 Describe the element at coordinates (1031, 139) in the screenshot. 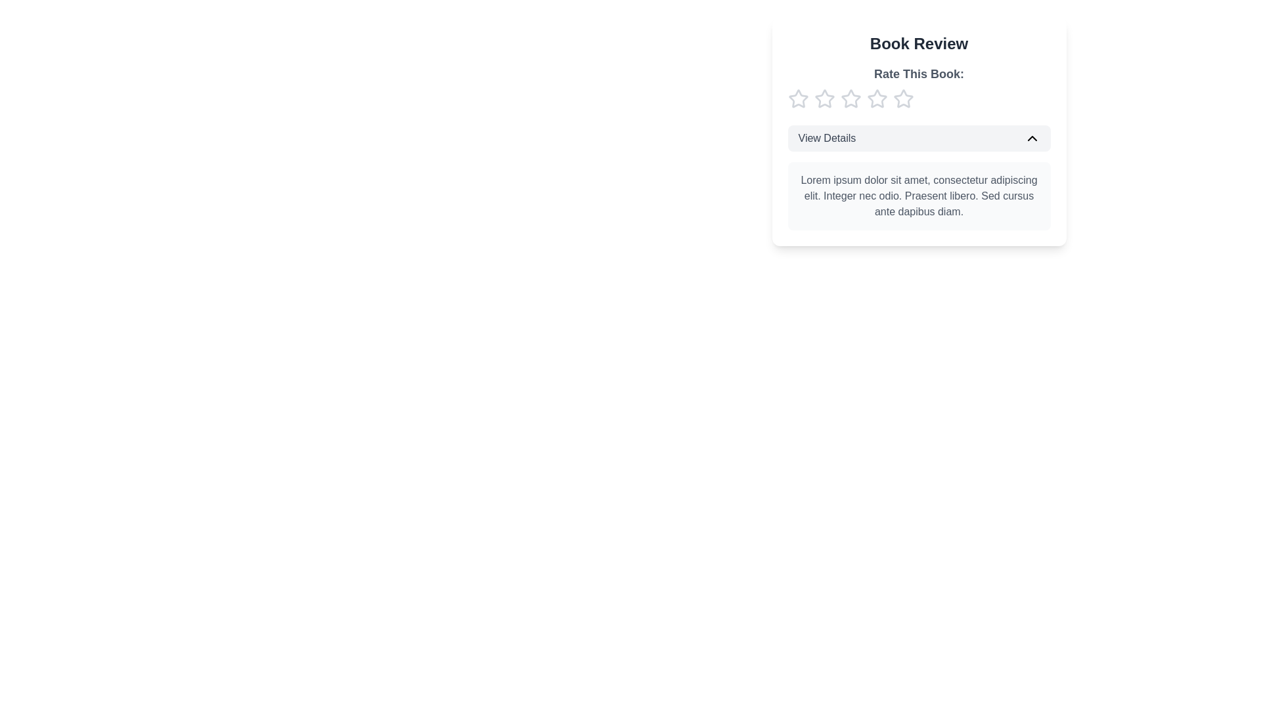

I see `the downward-pointing Chevron icon on the right side of the 'View Details' button` at that location.